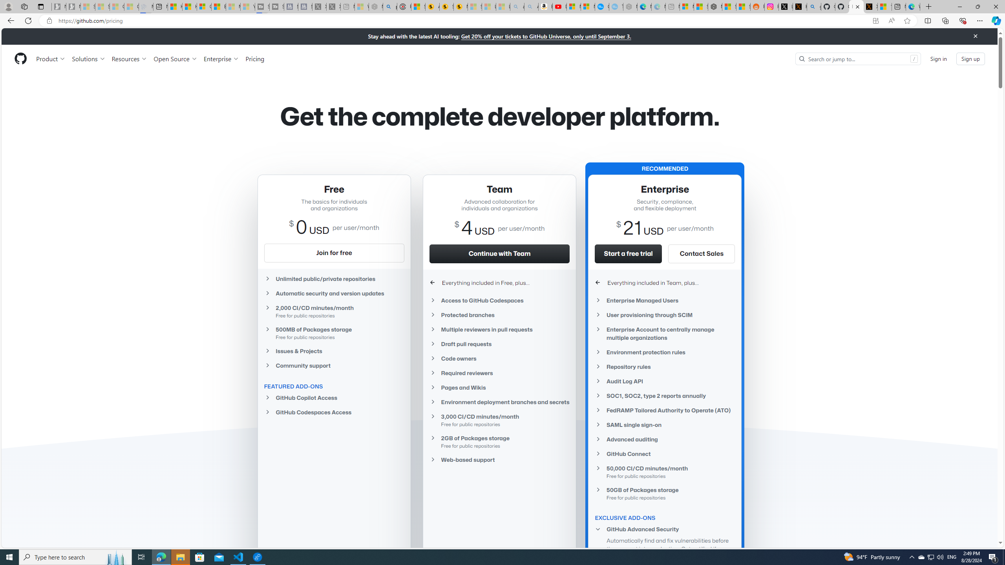 The width and height of the screenshot is (1005, 565). Describe the element at coordinates (254, 58) in the screenshot. I see `'Pricing'` at that location.